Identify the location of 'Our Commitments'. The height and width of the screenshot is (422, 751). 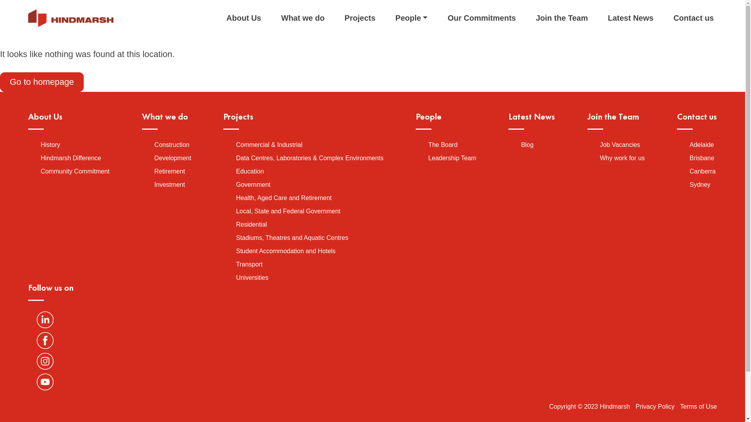
(481, 18).